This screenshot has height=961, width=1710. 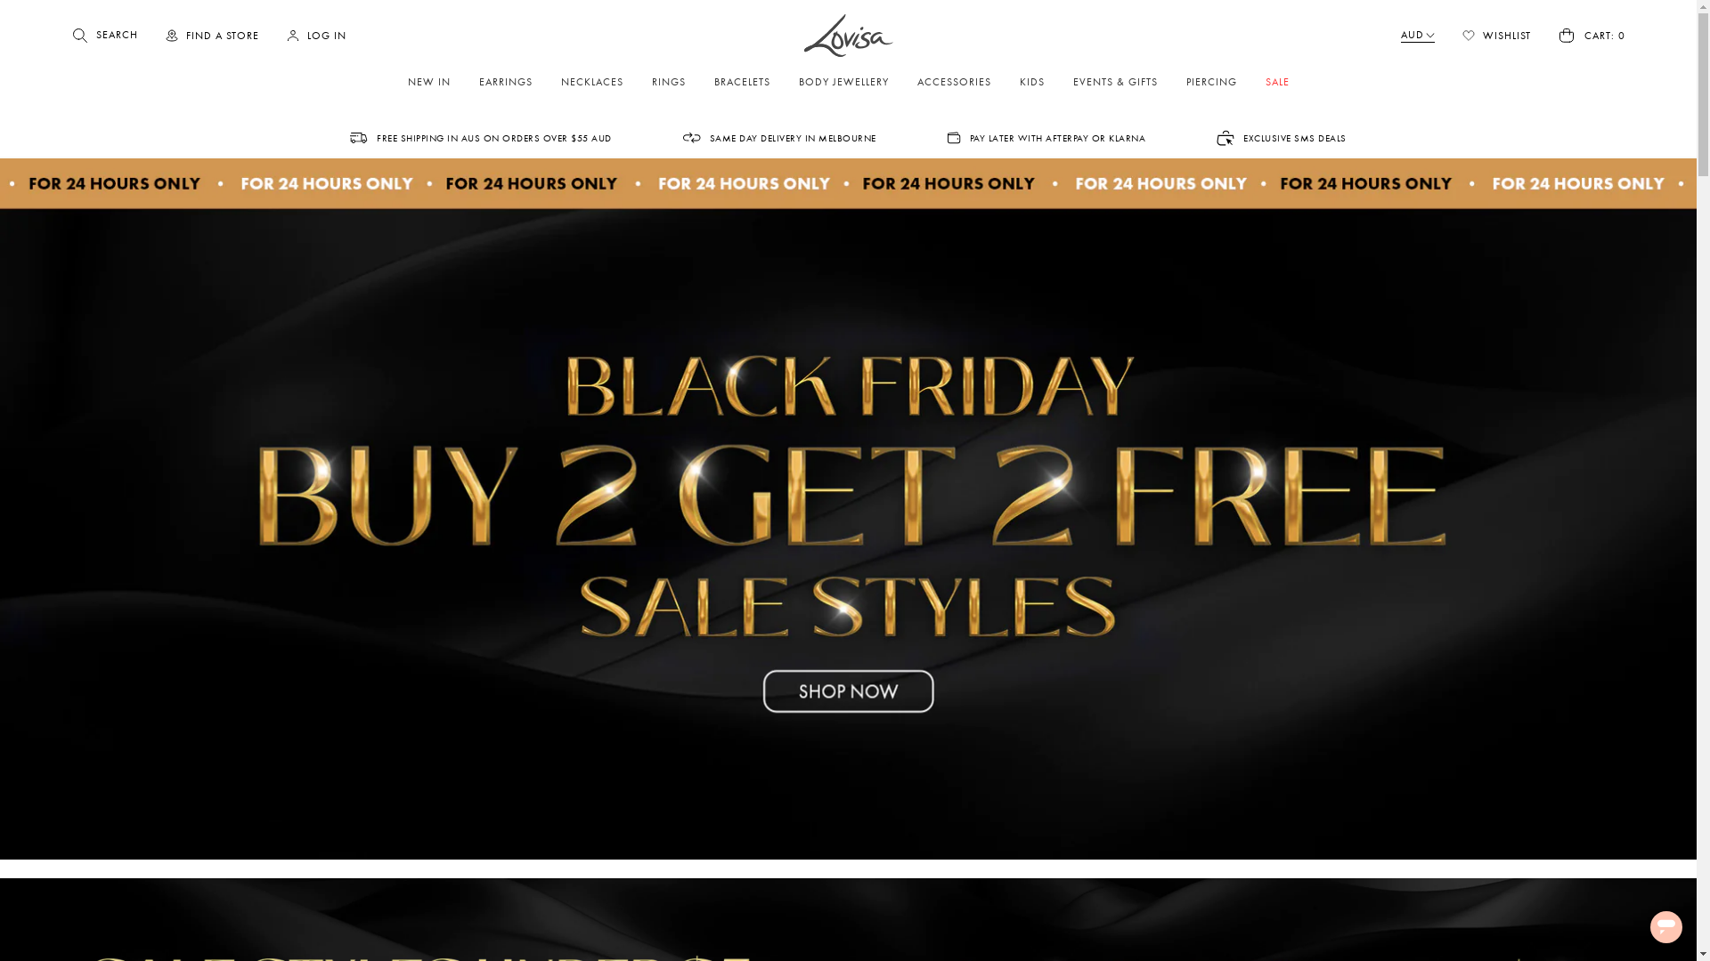 What do you see at coordinates (286, 36) in the screenshot?
I see `'LOG IN'` at bounding box center [286, 36].